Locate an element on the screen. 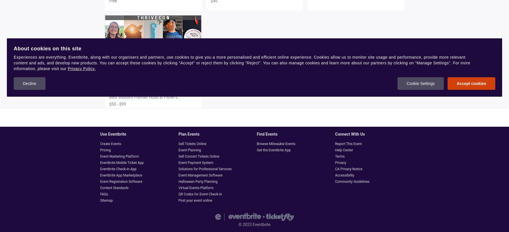 The width and height of the screenshot is (509, 232). 'Eventbrite Check-In App' is located at coordinates (118, 168).